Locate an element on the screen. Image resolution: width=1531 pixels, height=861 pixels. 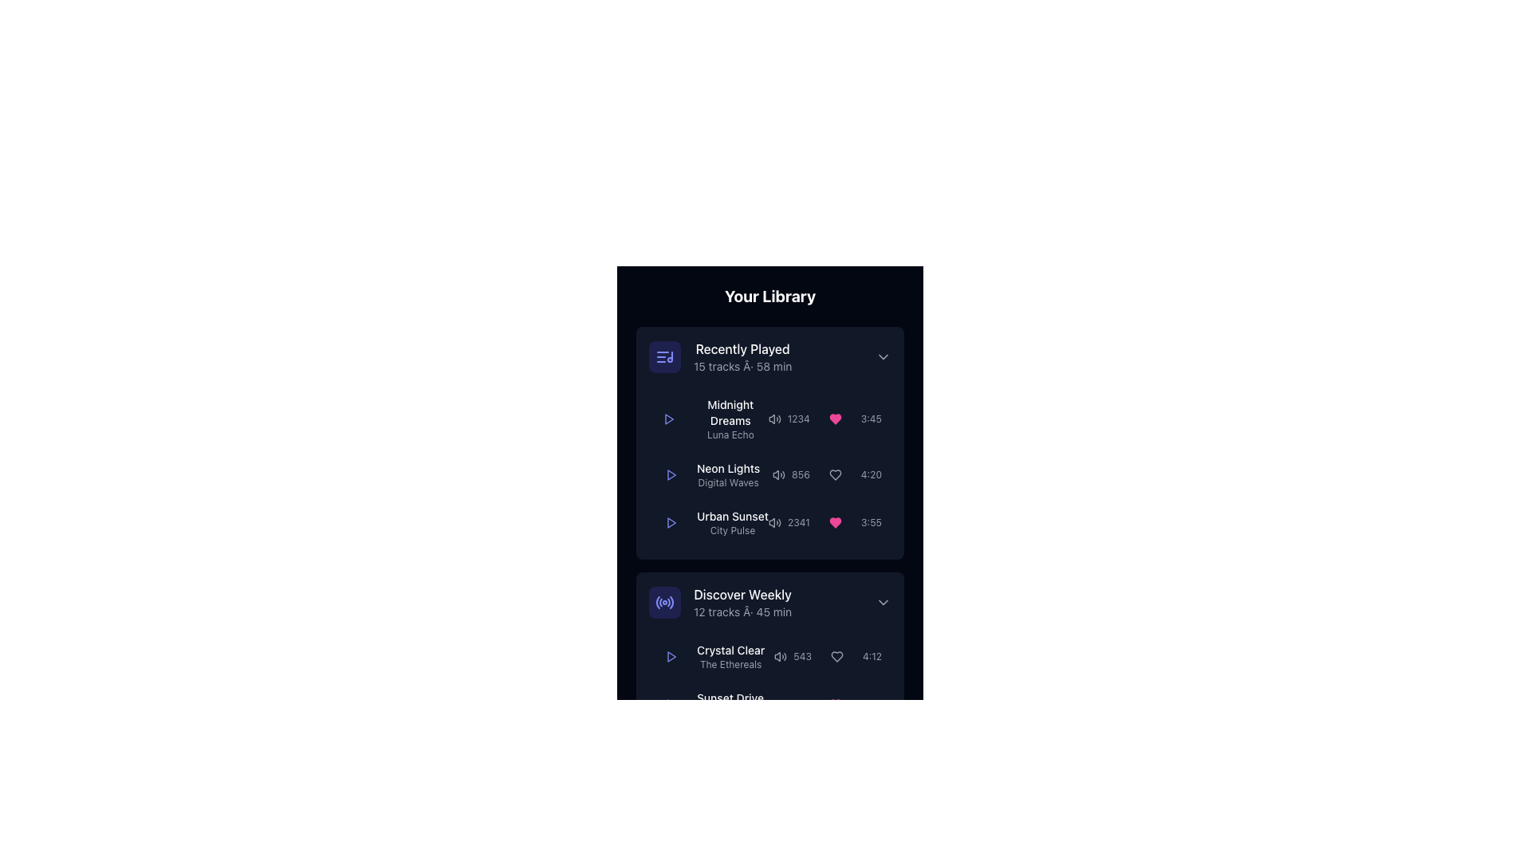
the music track selection option located under the 'Discover Weekly' section is located at coordinates (769, 657).